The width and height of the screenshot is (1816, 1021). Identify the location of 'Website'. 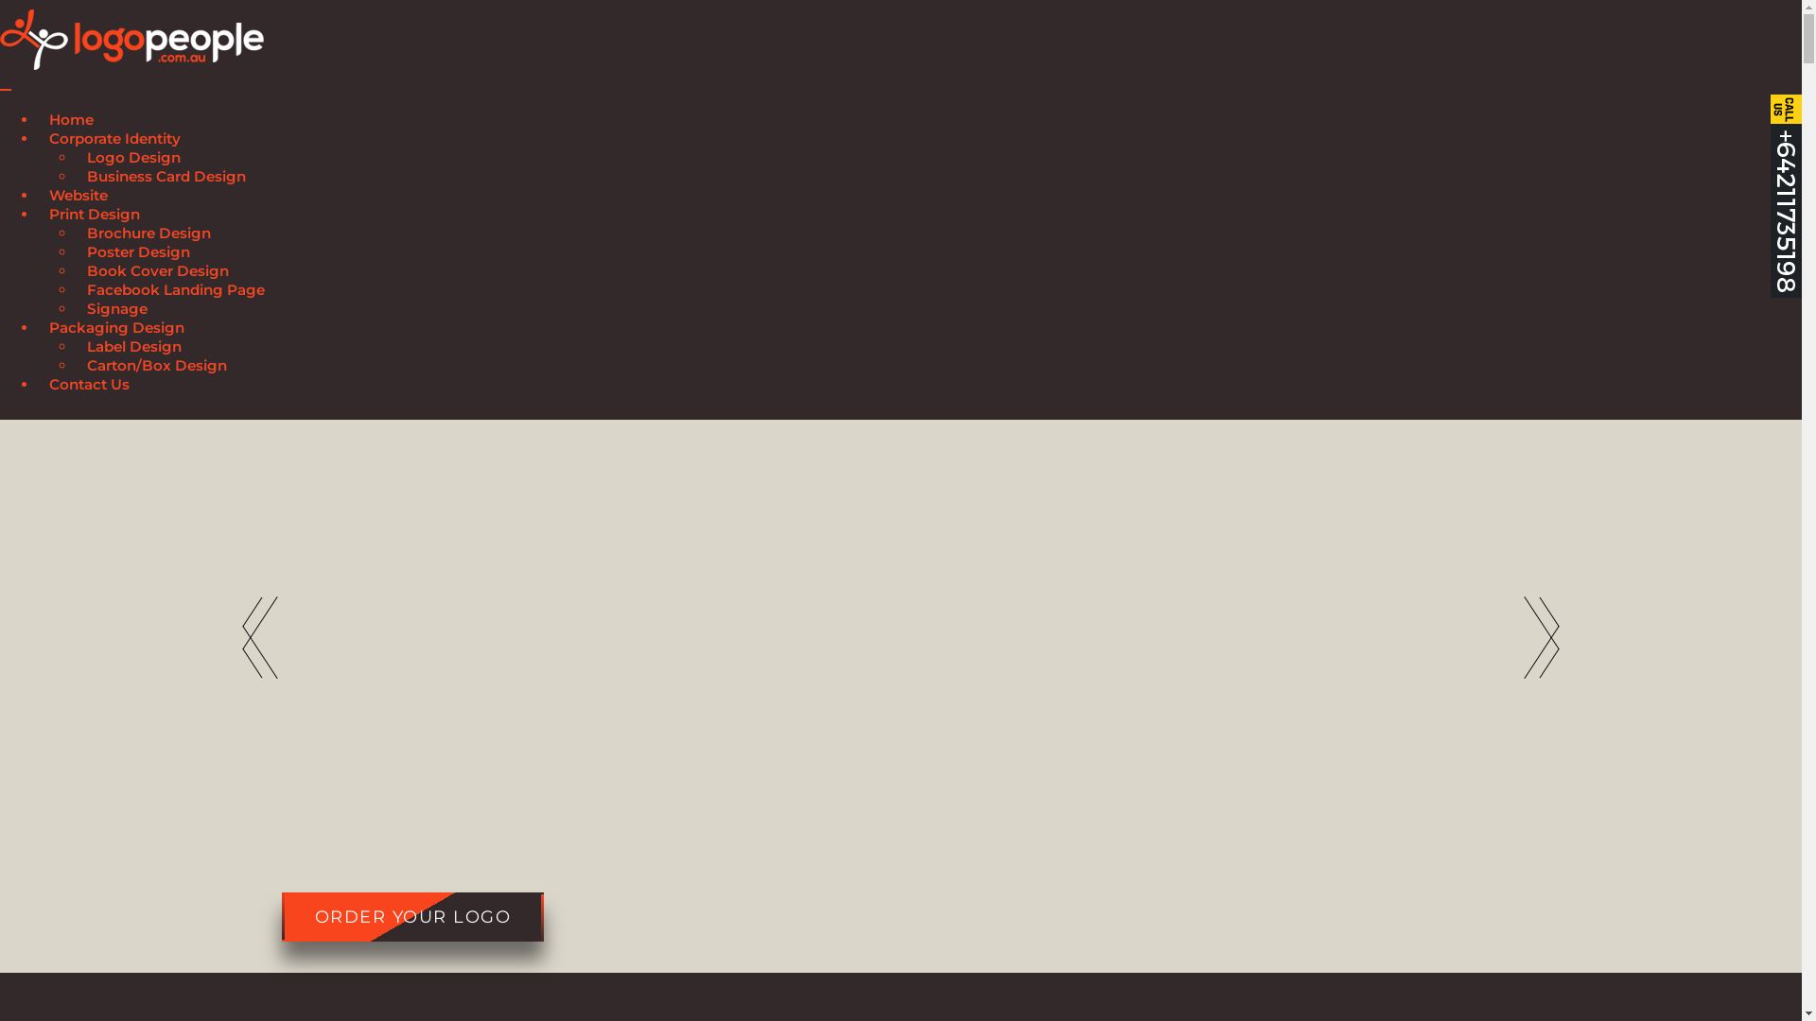
(37, 198).